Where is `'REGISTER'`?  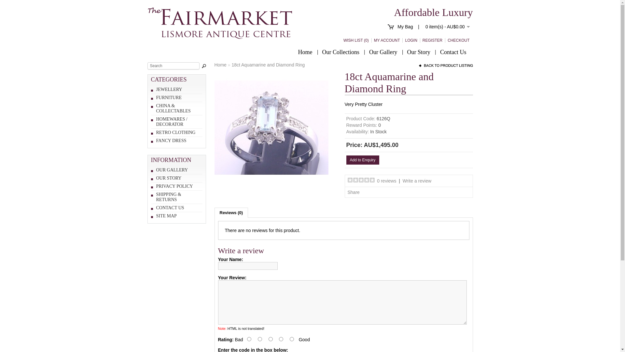
'REGISTER' is located at coordinates (420, 40).